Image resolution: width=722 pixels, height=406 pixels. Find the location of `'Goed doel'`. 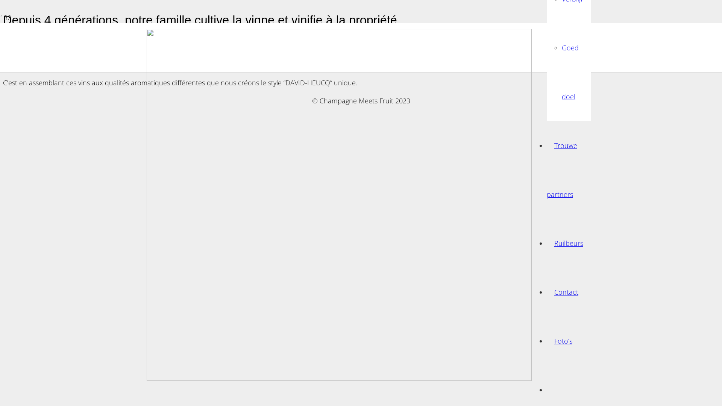

'Goed doel' is located at coordinates (570, 72).